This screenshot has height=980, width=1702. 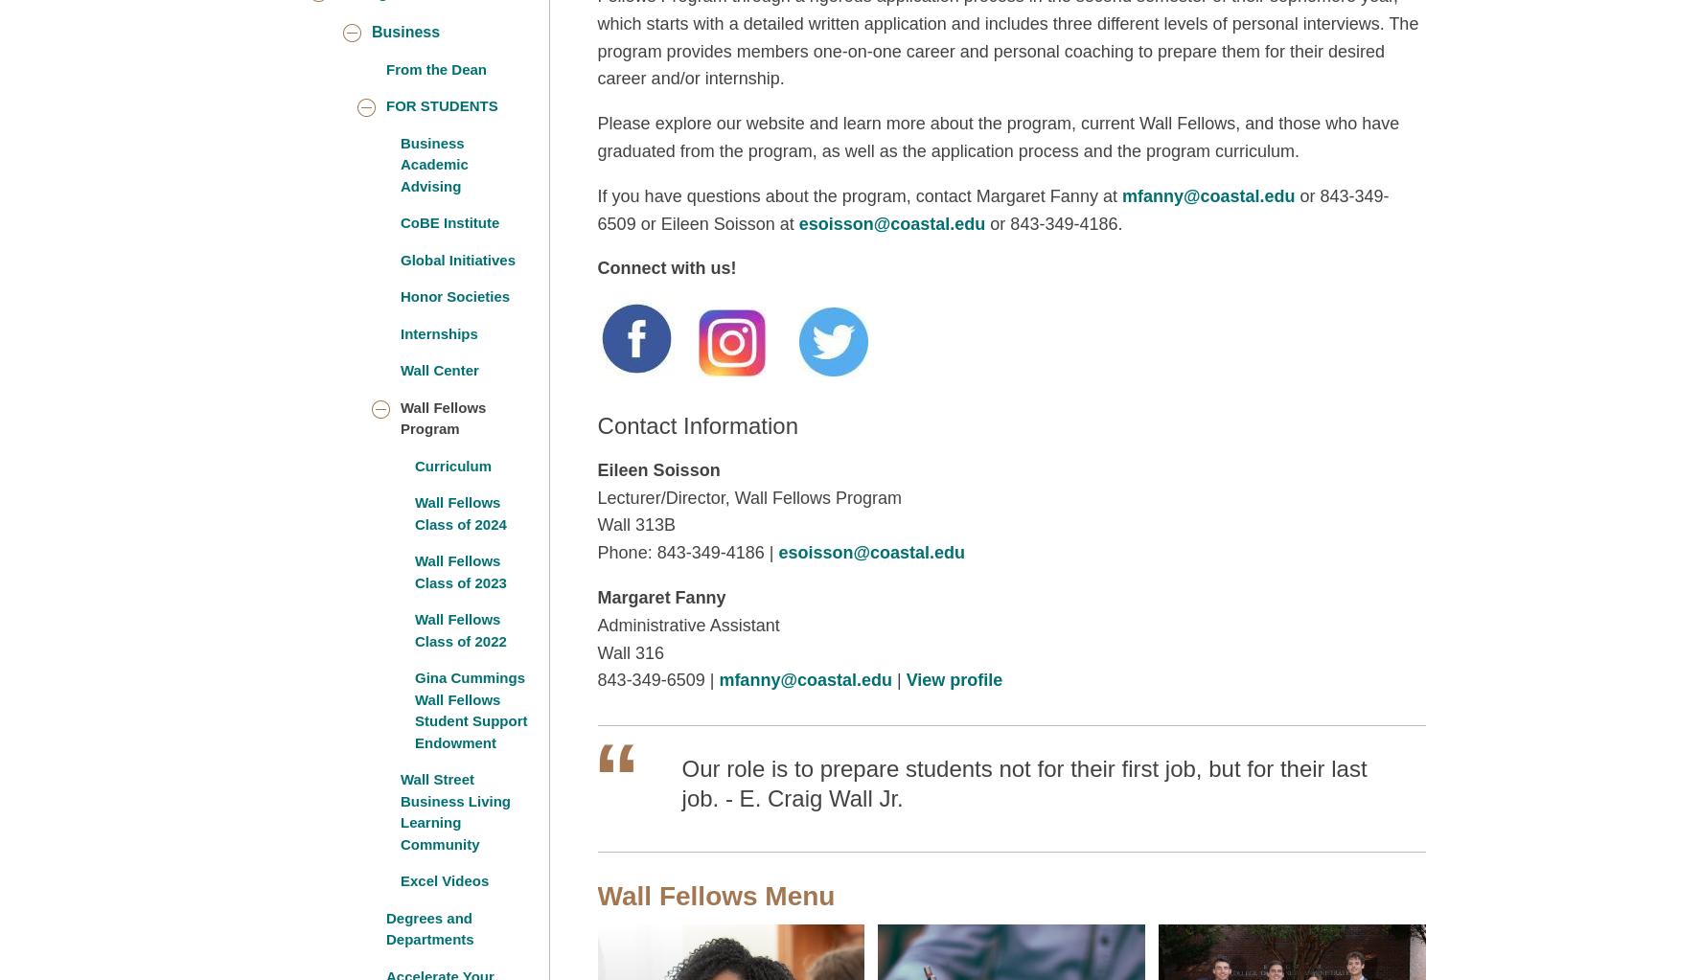 What do you see at coordinates (897, 679) in the screenshot?
I see `'|'` at bounding box center [897, 679].